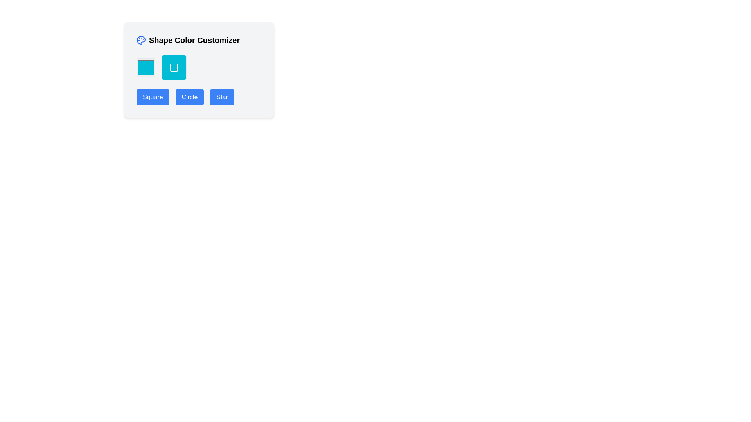 The height and width of the screenshot is (422, 751). What do you see at coordinates (199, 40) in the screenshot?
I see `heading element titled 'Shape Color Customizer' which is prominently displayed at the top of a card with a blue palette icon and bold black text` at bounding box center [199, 40].